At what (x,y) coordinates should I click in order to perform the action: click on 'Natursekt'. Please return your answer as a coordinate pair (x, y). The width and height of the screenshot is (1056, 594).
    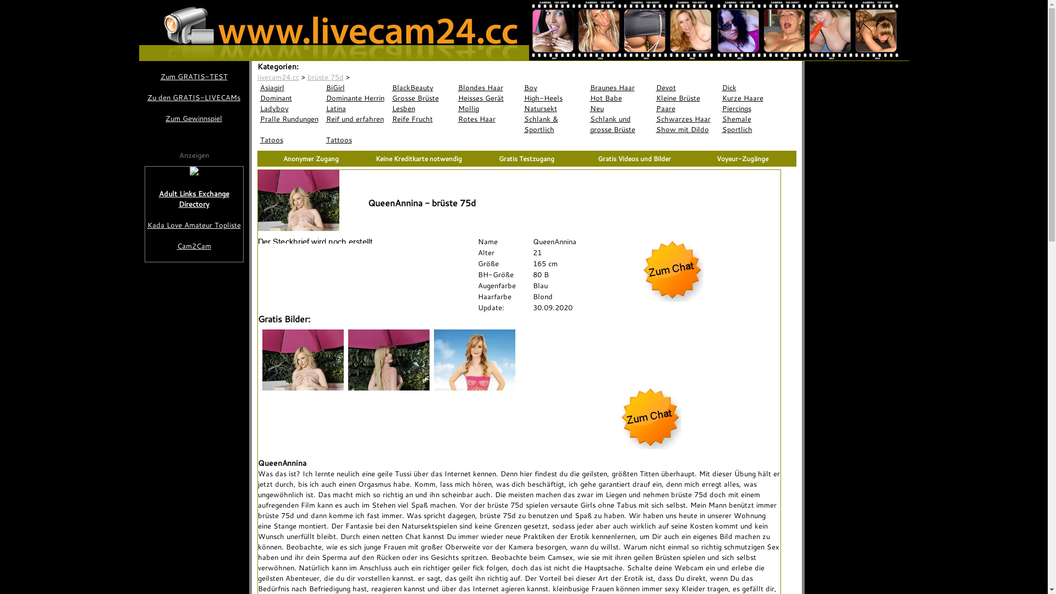
    Looking at the image, I should click on (554, 108).